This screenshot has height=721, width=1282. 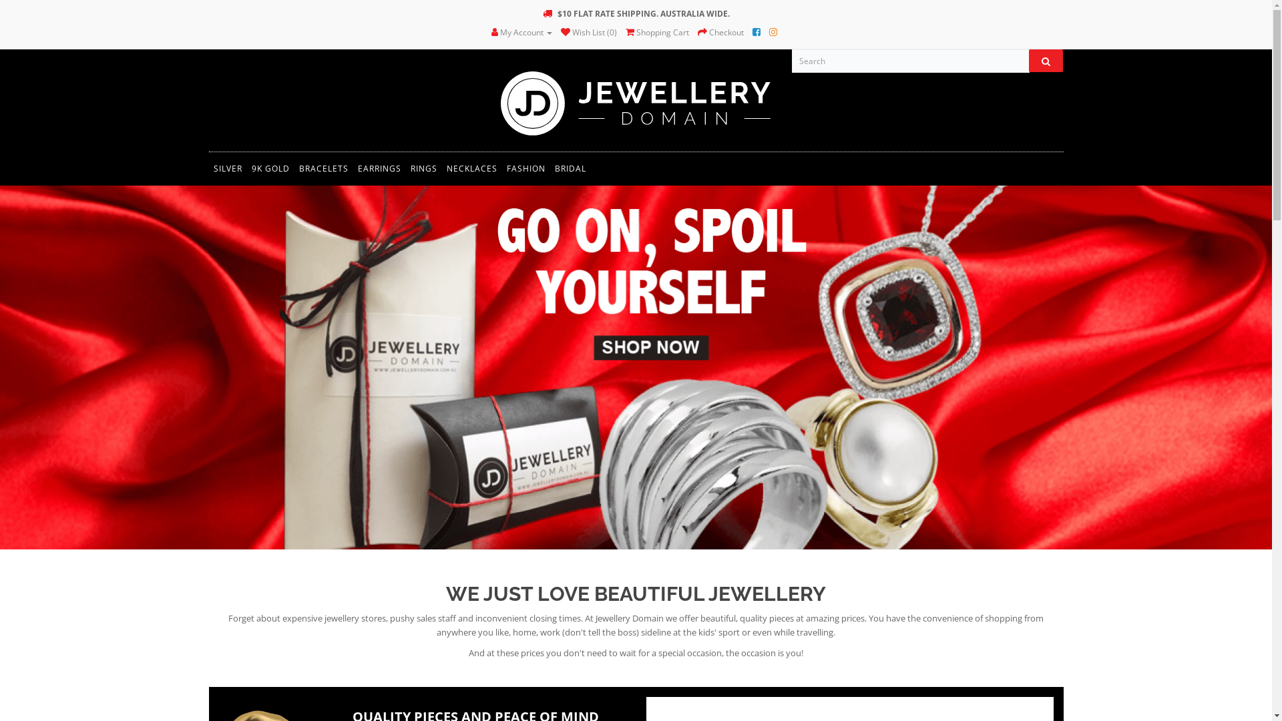 I want to click on 'SILVER', so click(x=227, y=168).